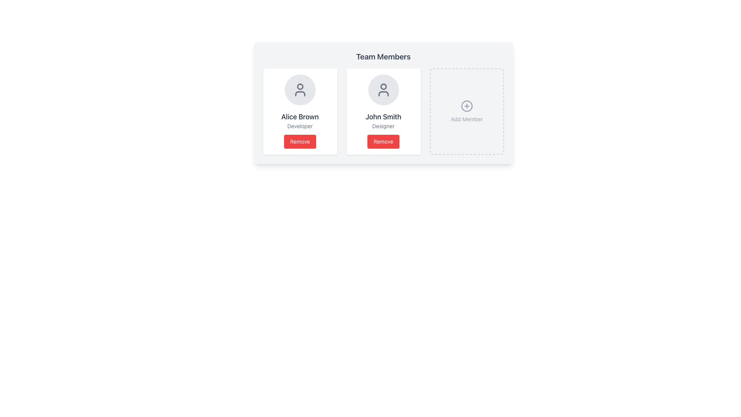 The image size is (741, 417). What do you see at coordinates (383, 89) in the screenshot?
I see `the decorative avatar icon representing the user 'John Smith', located in the middle card of the 'Team Members' row, above the name 'John Smith' and their role 'Designer'` at bounding box center [383, 89].